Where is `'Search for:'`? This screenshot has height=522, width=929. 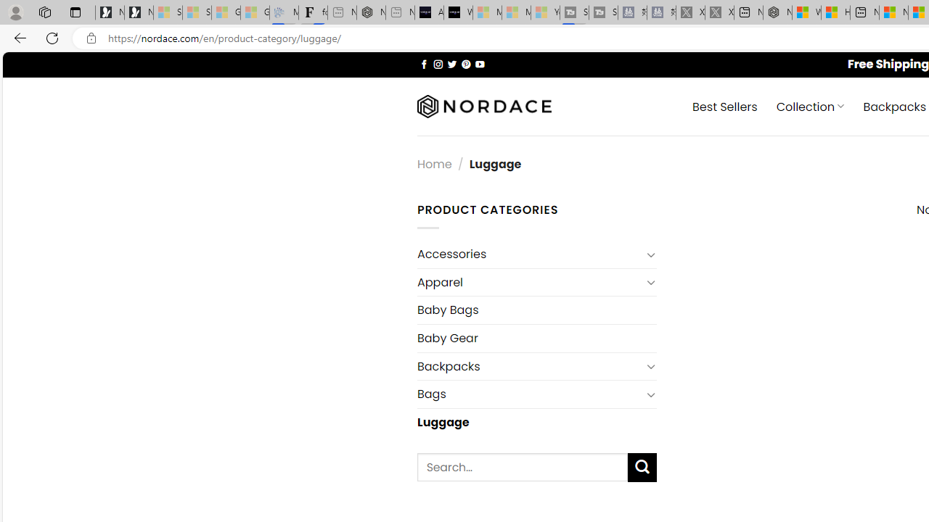 'Search for:' is located at coordinates (523, 468).